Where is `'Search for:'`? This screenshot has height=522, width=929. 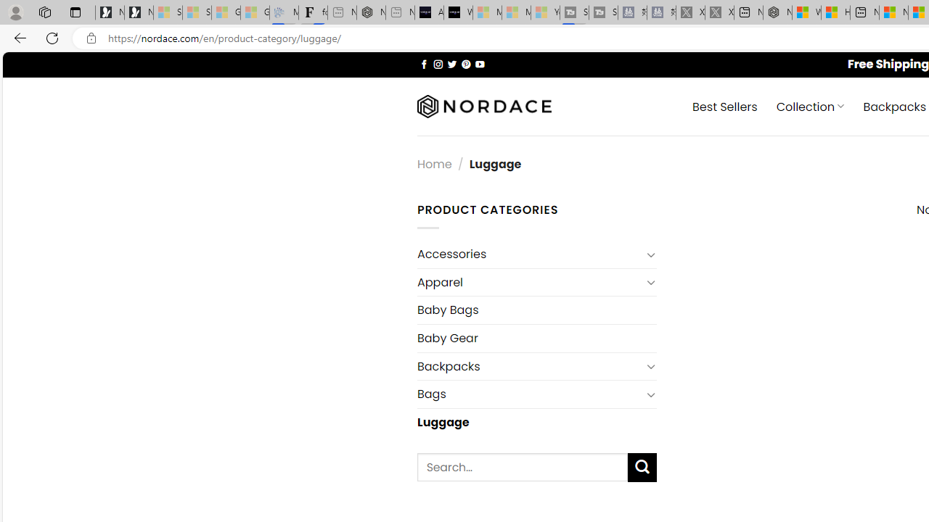 'Search for:' is located at coordinates (523, 468).